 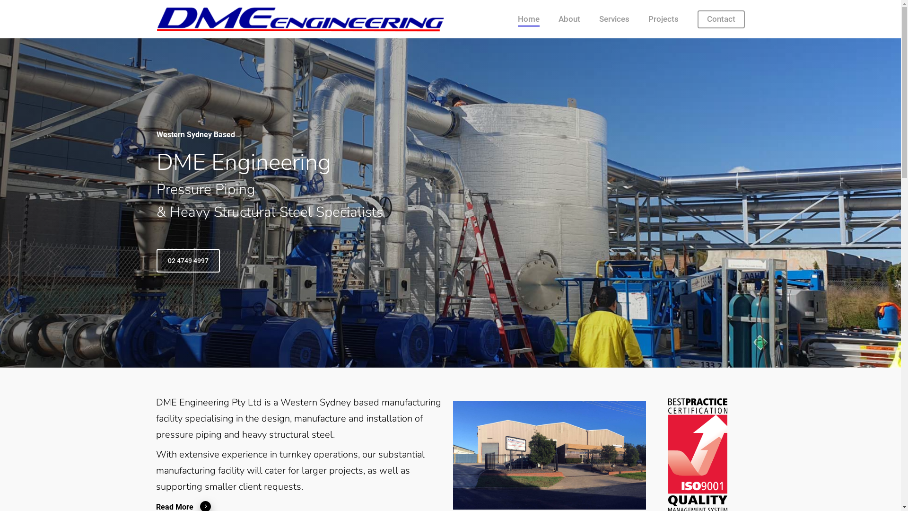 I want to click on 'Home', so click(x=528, y=19).